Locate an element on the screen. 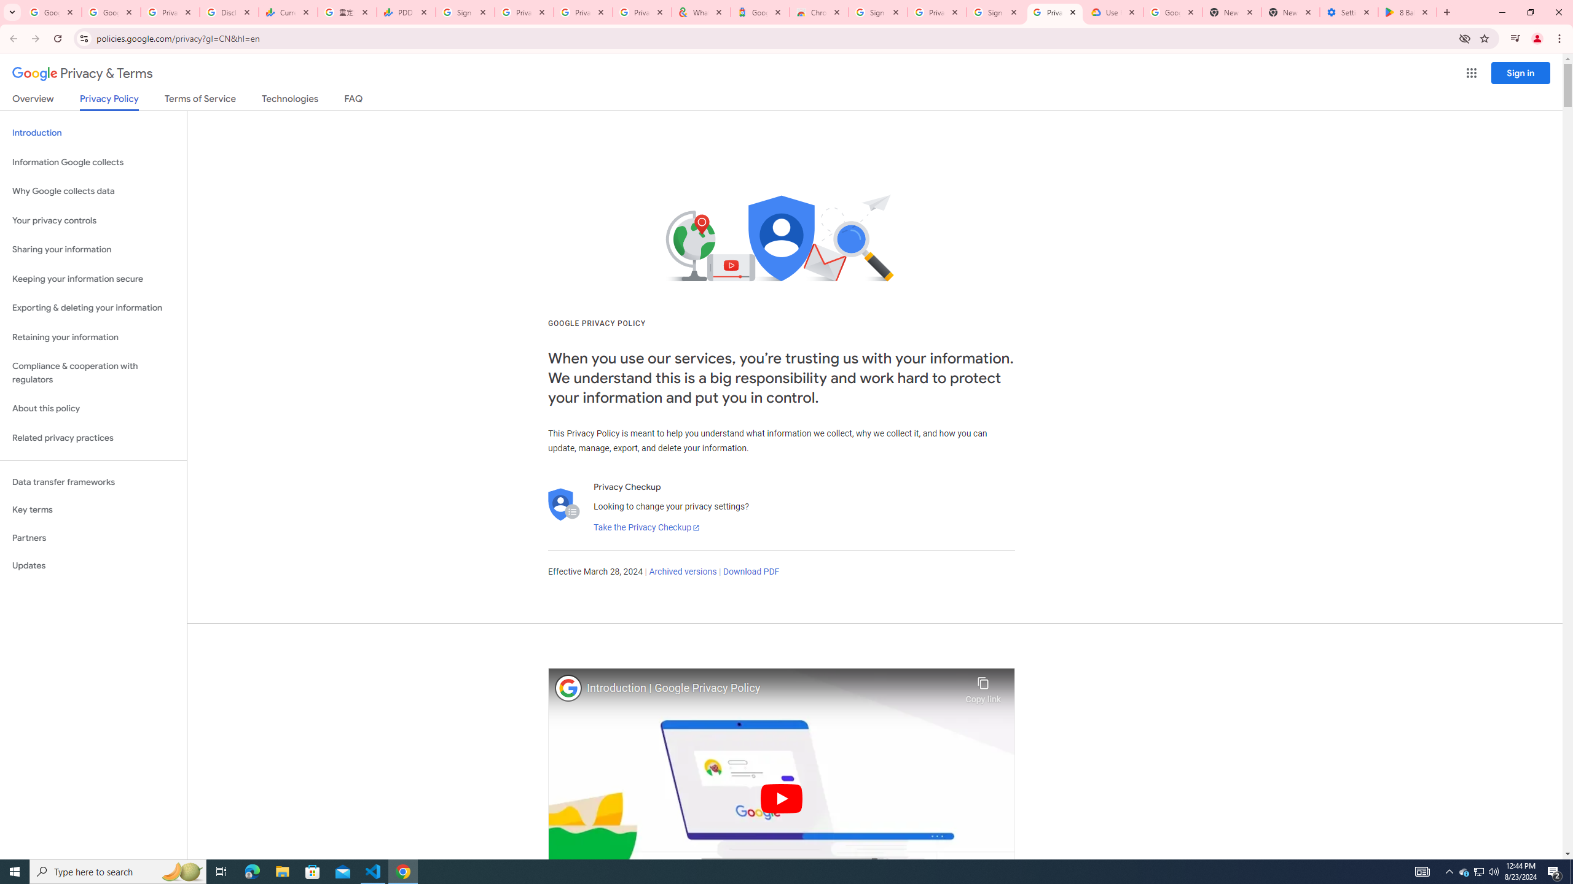  'Introduction | Google Privacy Policy' is located at coordinates (772, 688).